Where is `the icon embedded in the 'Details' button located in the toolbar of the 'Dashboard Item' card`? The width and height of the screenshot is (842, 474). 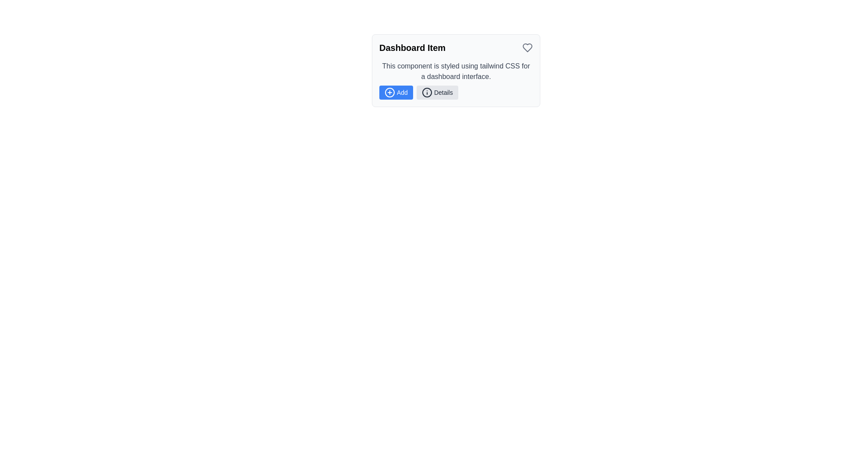
the icon embedded in the 'Details' button located in the toolbar of the 'Dashboard Item' card is located at coordinates (427, 93).